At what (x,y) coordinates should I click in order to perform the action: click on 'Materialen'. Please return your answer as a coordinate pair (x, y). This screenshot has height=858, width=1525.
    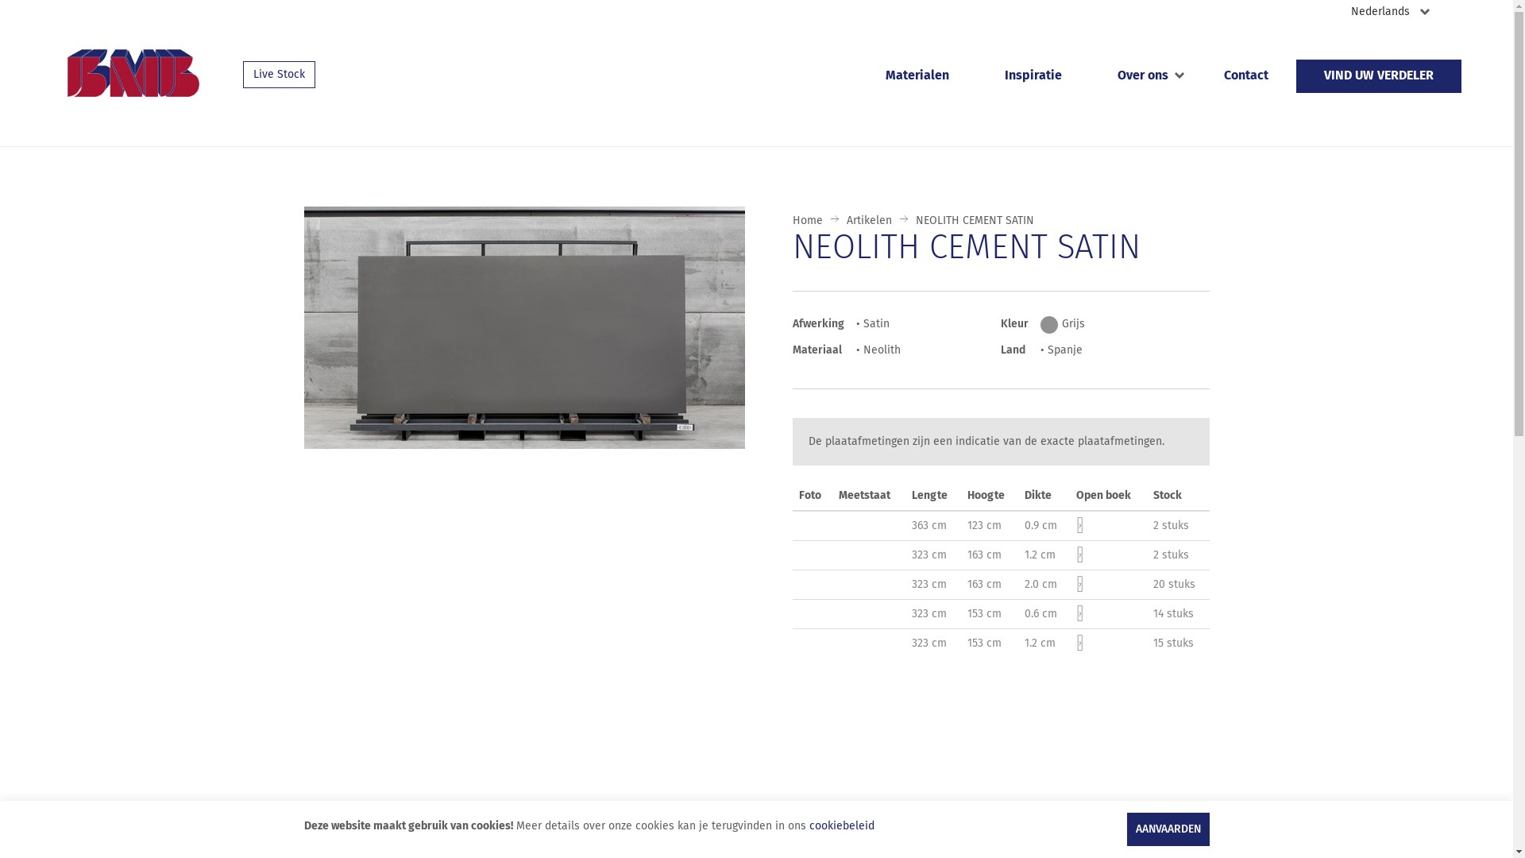
    Looking at the image, I should click on (917, 76).